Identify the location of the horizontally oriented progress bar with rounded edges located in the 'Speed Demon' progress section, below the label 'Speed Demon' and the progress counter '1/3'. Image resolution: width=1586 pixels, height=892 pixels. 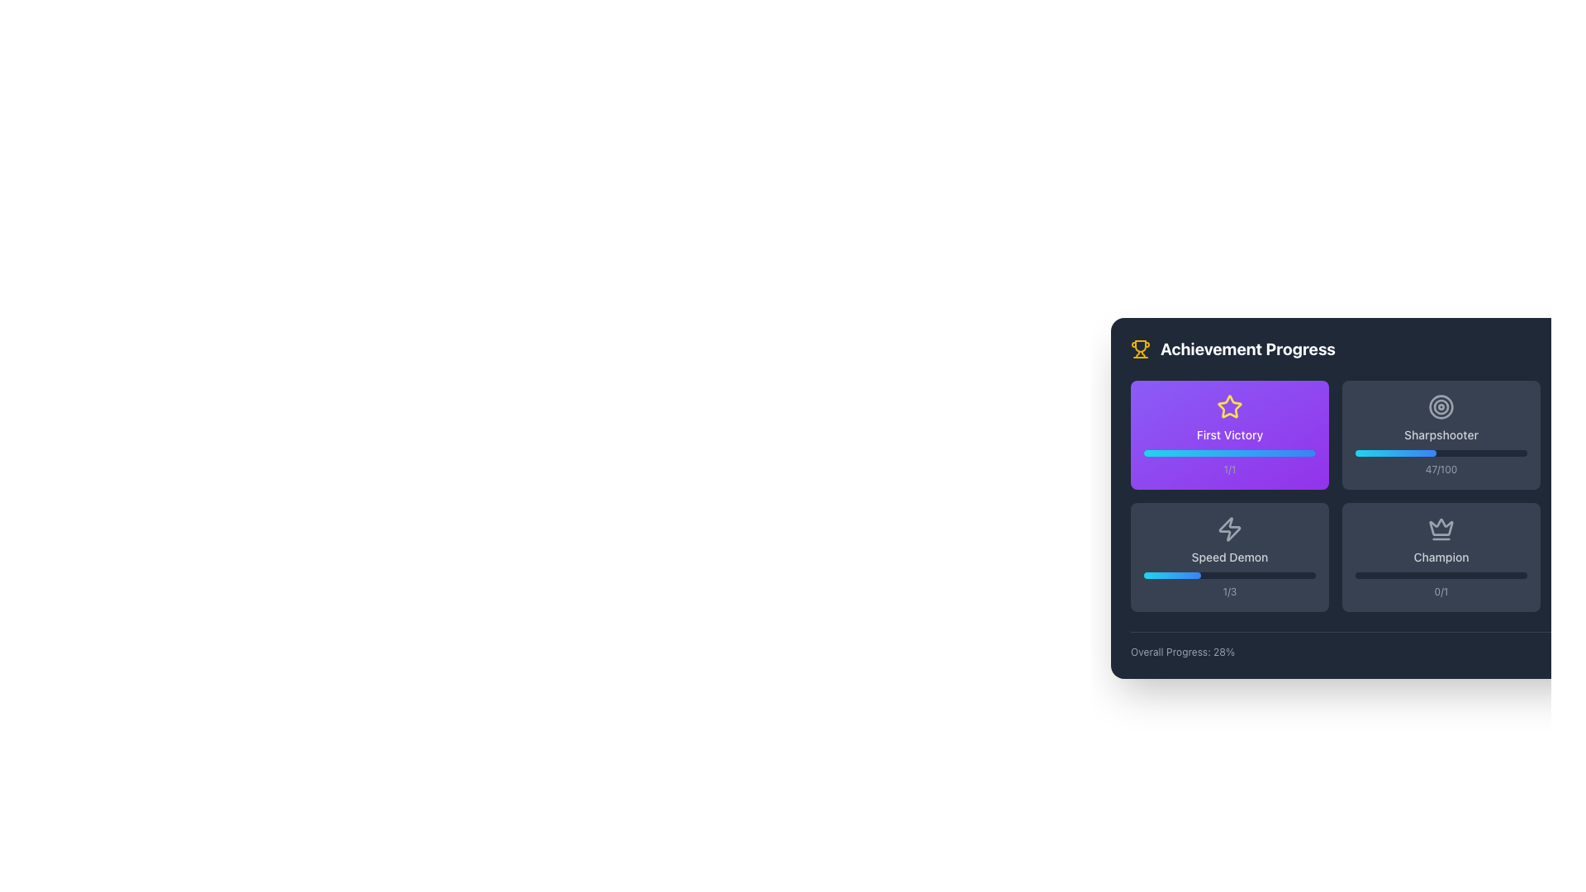
(1229, 575).